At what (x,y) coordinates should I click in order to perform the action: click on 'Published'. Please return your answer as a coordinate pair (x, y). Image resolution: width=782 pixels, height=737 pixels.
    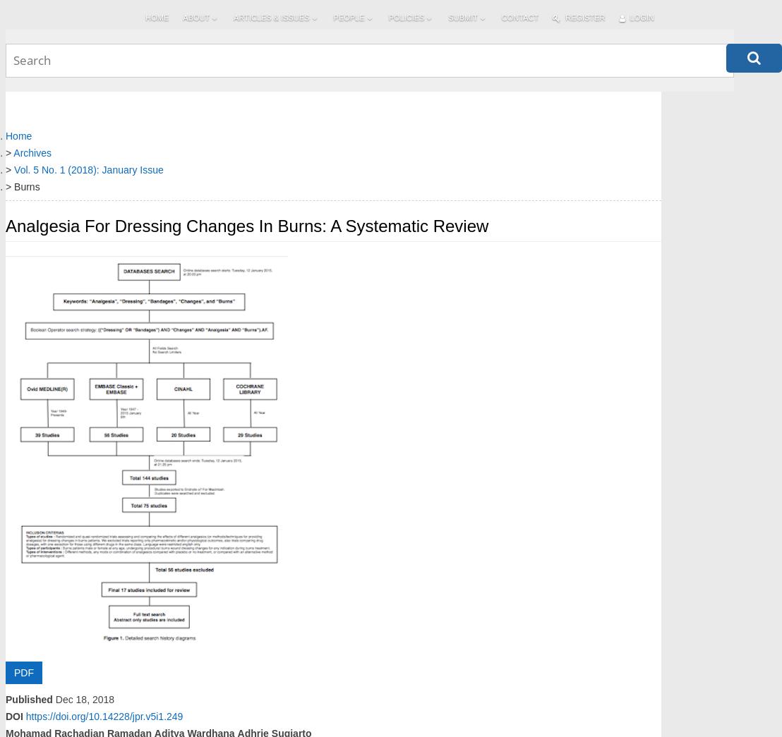
    Looking at the image, I should click on (5, 698).